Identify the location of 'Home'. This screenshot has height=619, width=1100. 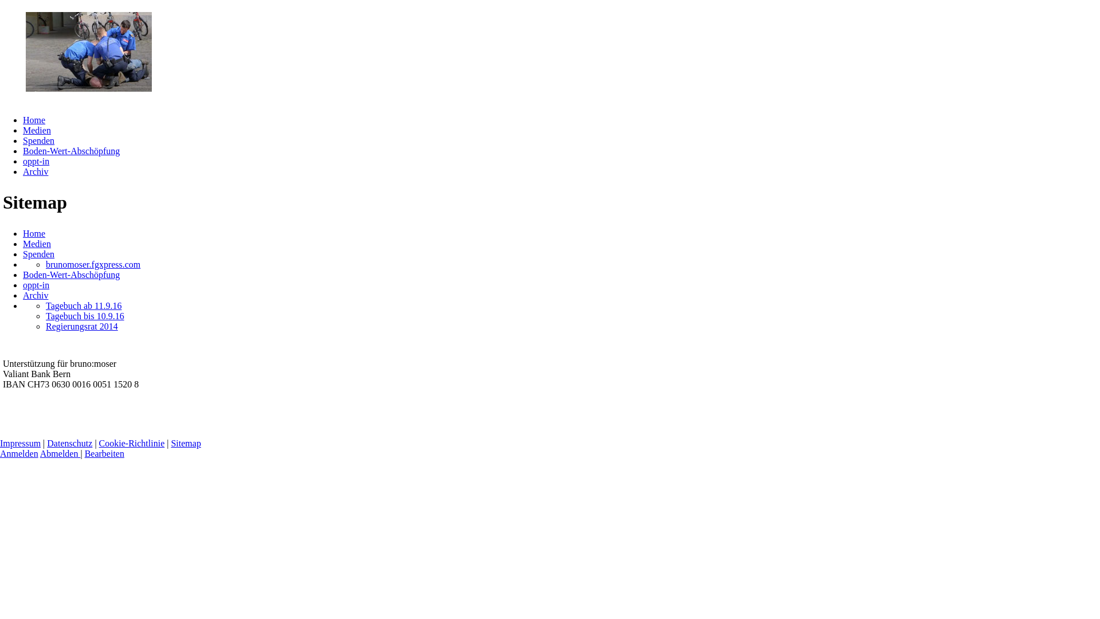
(34, 120).